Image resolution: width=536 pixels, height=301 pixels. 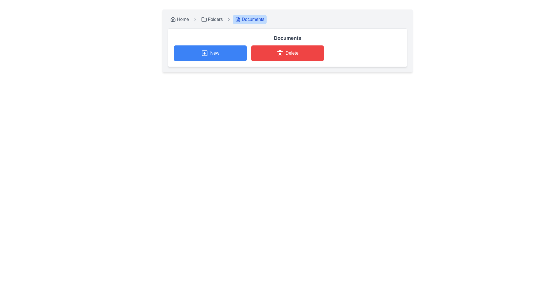 What do you see at coordinates (204, 53) in the screenshot?
I see `the background decoration of the icon inside the 'New' button, which enhances the clarity and attractiveness of the interface` at bounding box center [204, 53].